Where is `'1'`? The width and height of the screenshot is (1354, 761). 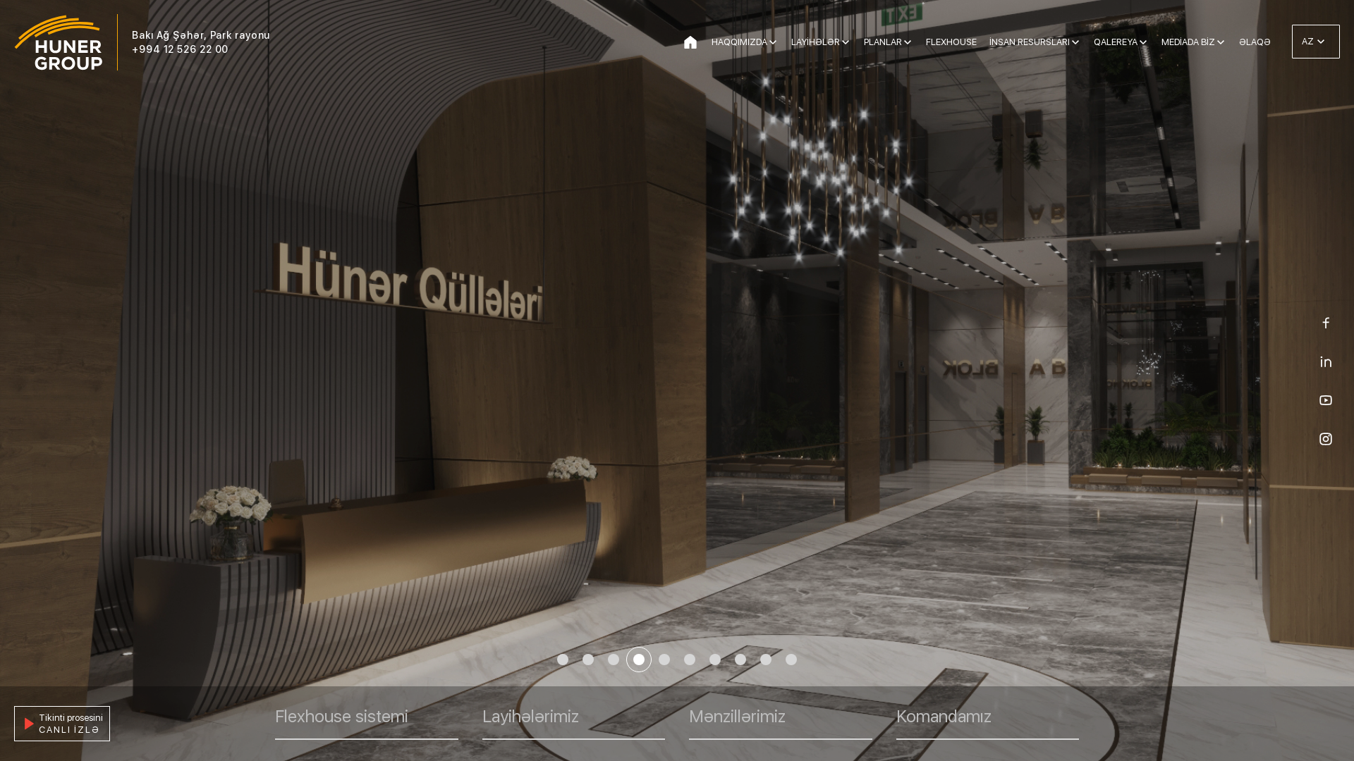
'1' is located at coordinates (561, 660).